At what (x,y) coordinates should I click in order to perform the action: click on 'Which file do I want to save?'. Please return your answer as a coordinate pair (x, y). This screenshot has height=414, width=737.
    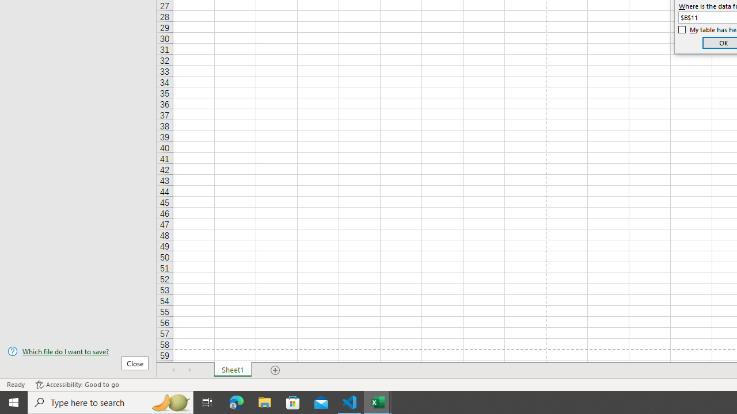
    Looking at the image, I should click on (78, 351).